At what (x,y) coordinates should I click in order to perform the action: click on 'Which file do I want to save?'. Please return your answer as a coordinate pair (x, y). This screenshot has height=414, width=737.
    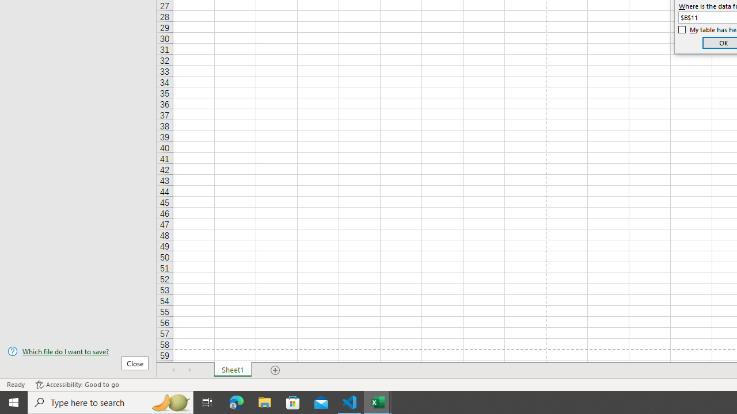
    Looking at the image, I should click on (78, 351).